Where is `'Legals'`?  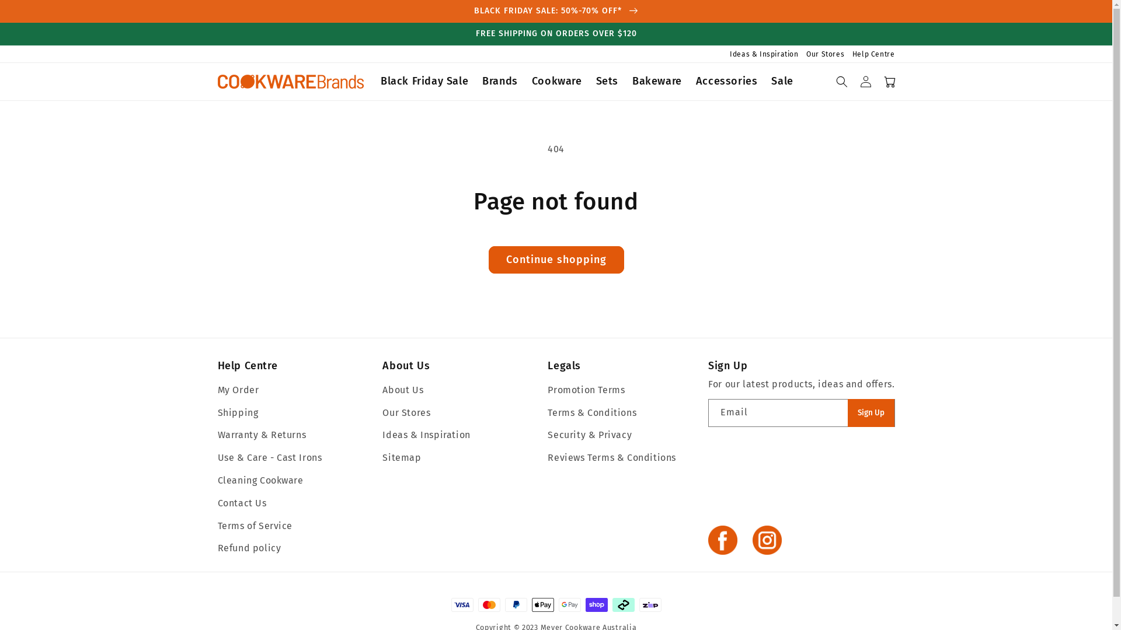
'Legals' is located at coordinates (627, 365).